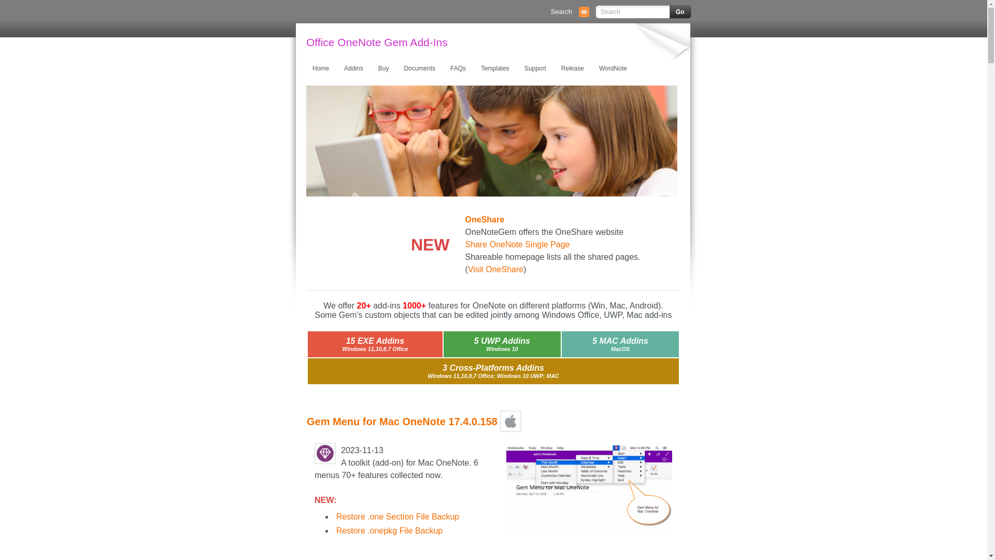 The height and width of the screenshot is (560, 995). What do you see at coordinates (418, 68) in the screenshot?
I see `'Documents'` at bounding box center [418, 68].